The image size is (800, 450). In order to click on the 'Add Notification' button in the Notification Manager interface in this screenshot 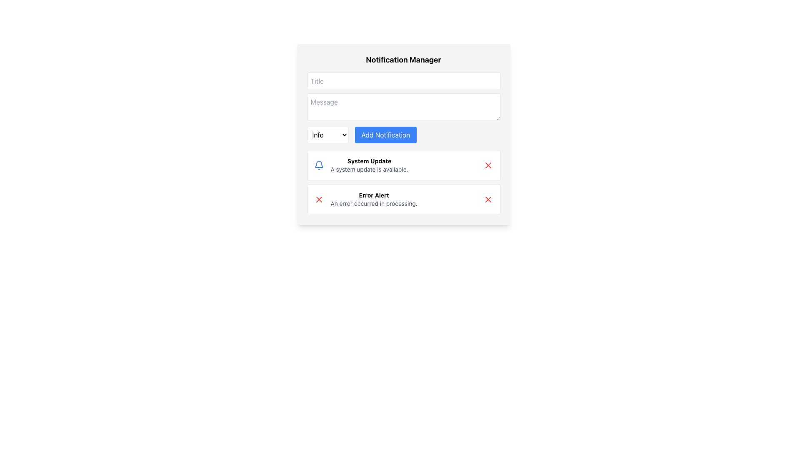, I will do `click(403, 134)`.